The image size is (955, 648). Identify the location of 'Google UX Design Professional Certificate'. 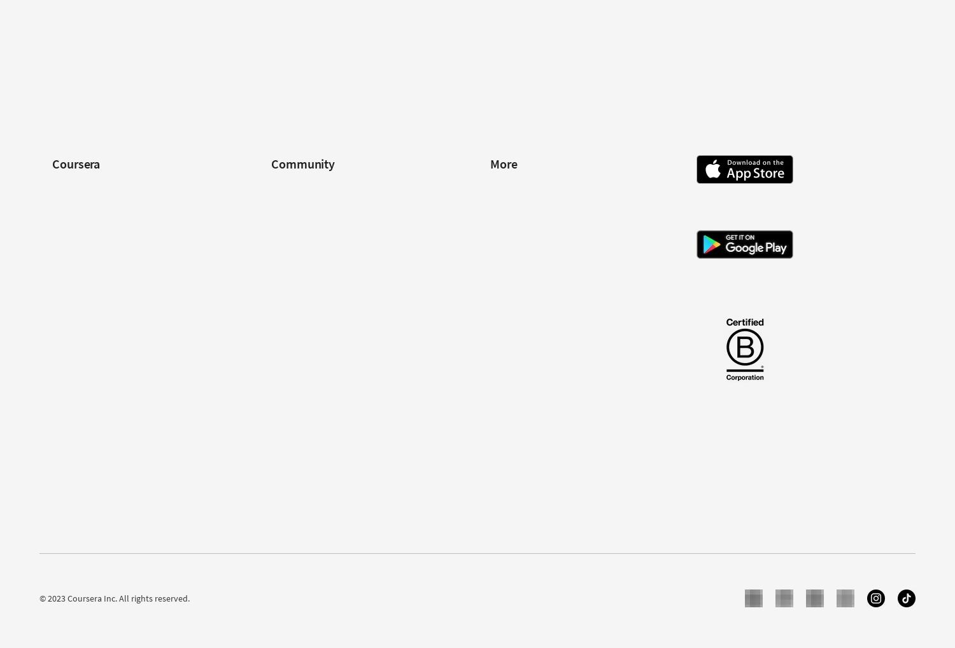
(349, 24).